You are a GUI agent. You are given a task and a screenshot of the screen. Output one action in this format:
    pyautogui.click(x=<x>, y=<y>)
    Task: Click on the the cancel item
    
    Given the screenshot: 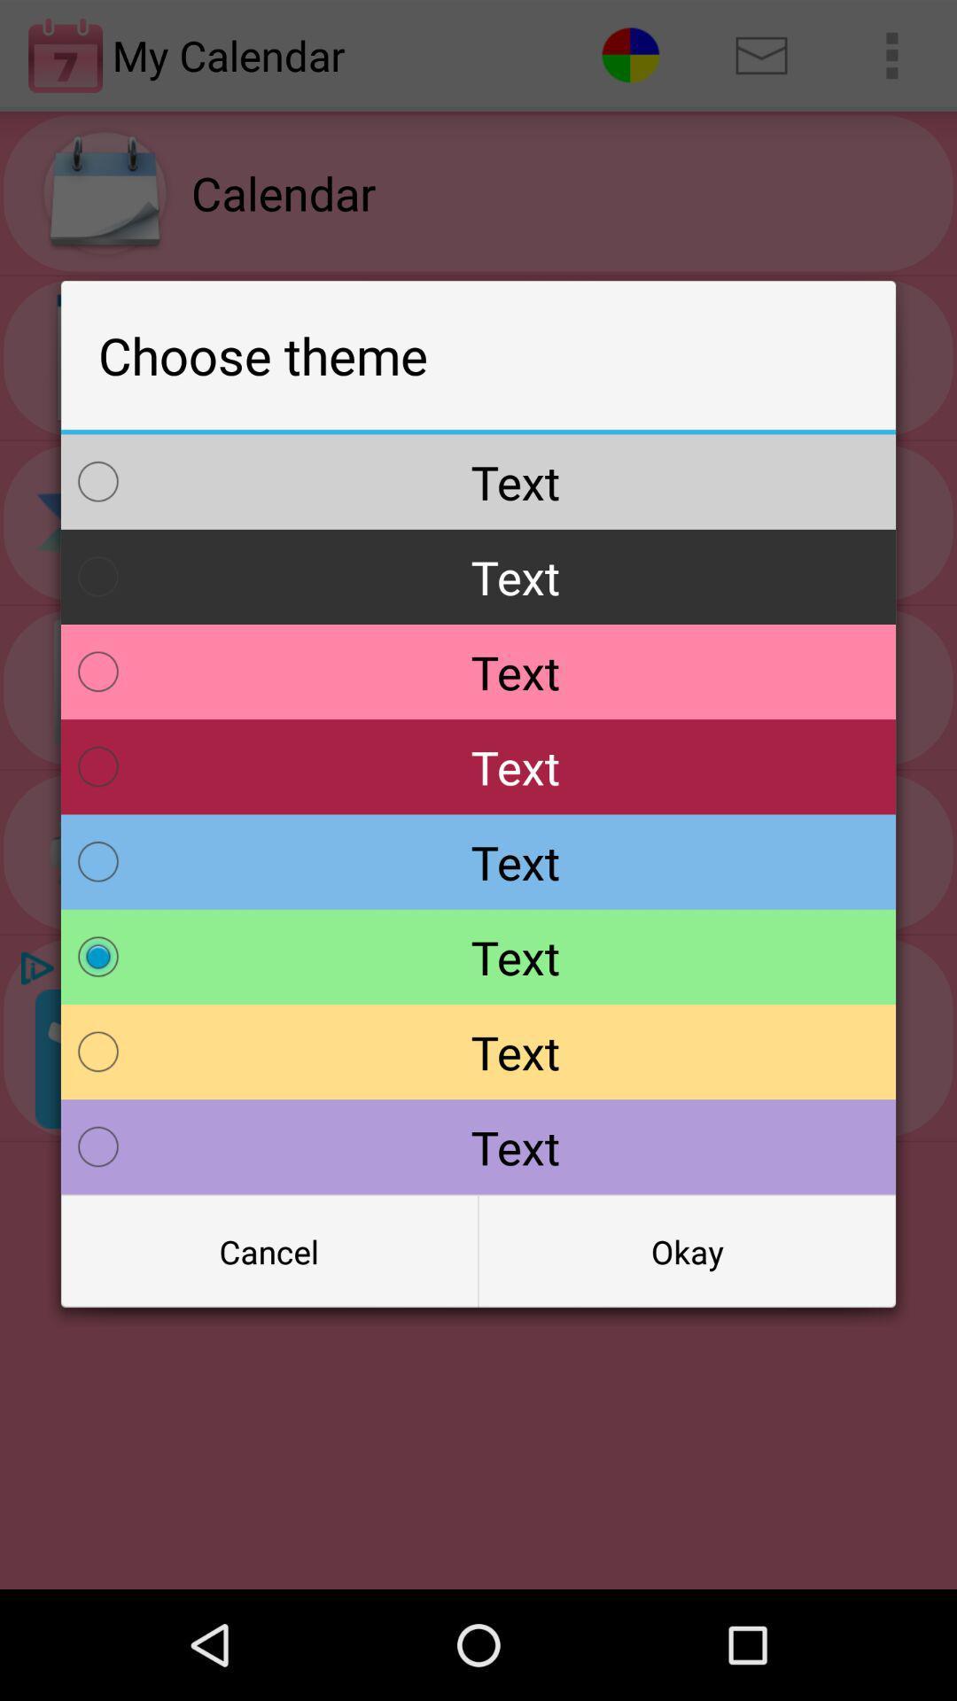 What is the action you would take?
    pyautogui.click(x=269, y=1250)
    